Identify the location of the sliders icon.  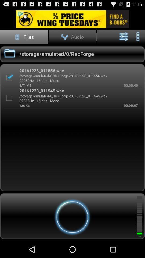
(124, 39).